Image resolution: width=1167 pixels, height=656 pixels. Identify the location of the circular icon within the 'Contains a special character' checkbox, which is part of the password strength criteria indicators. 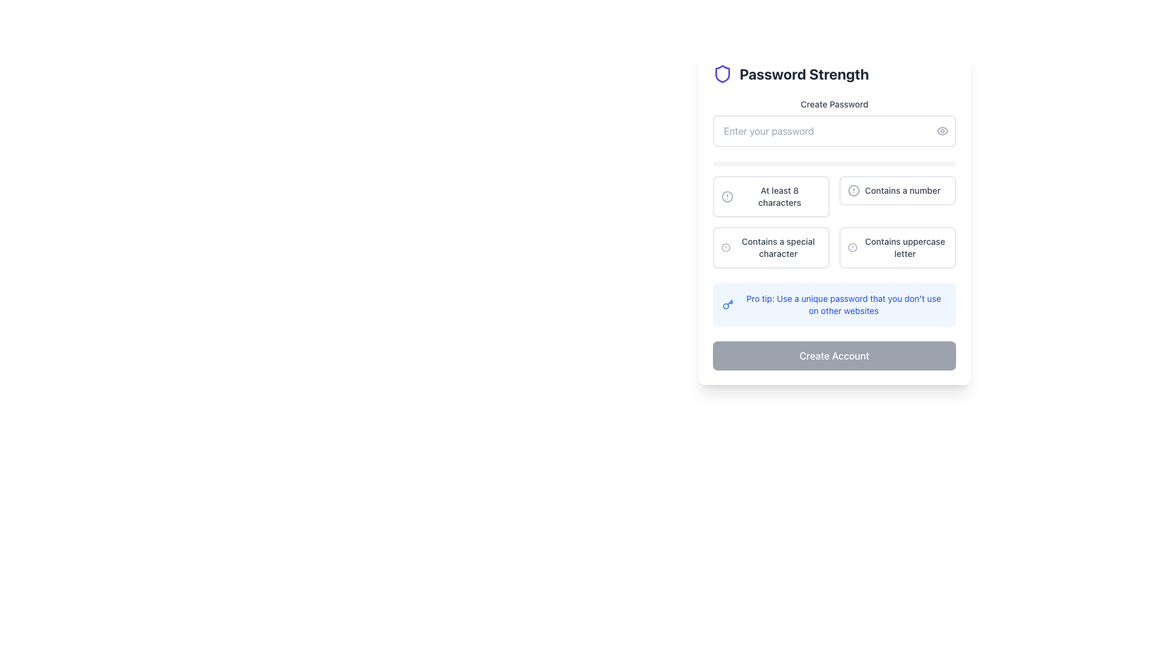
(726, 247).